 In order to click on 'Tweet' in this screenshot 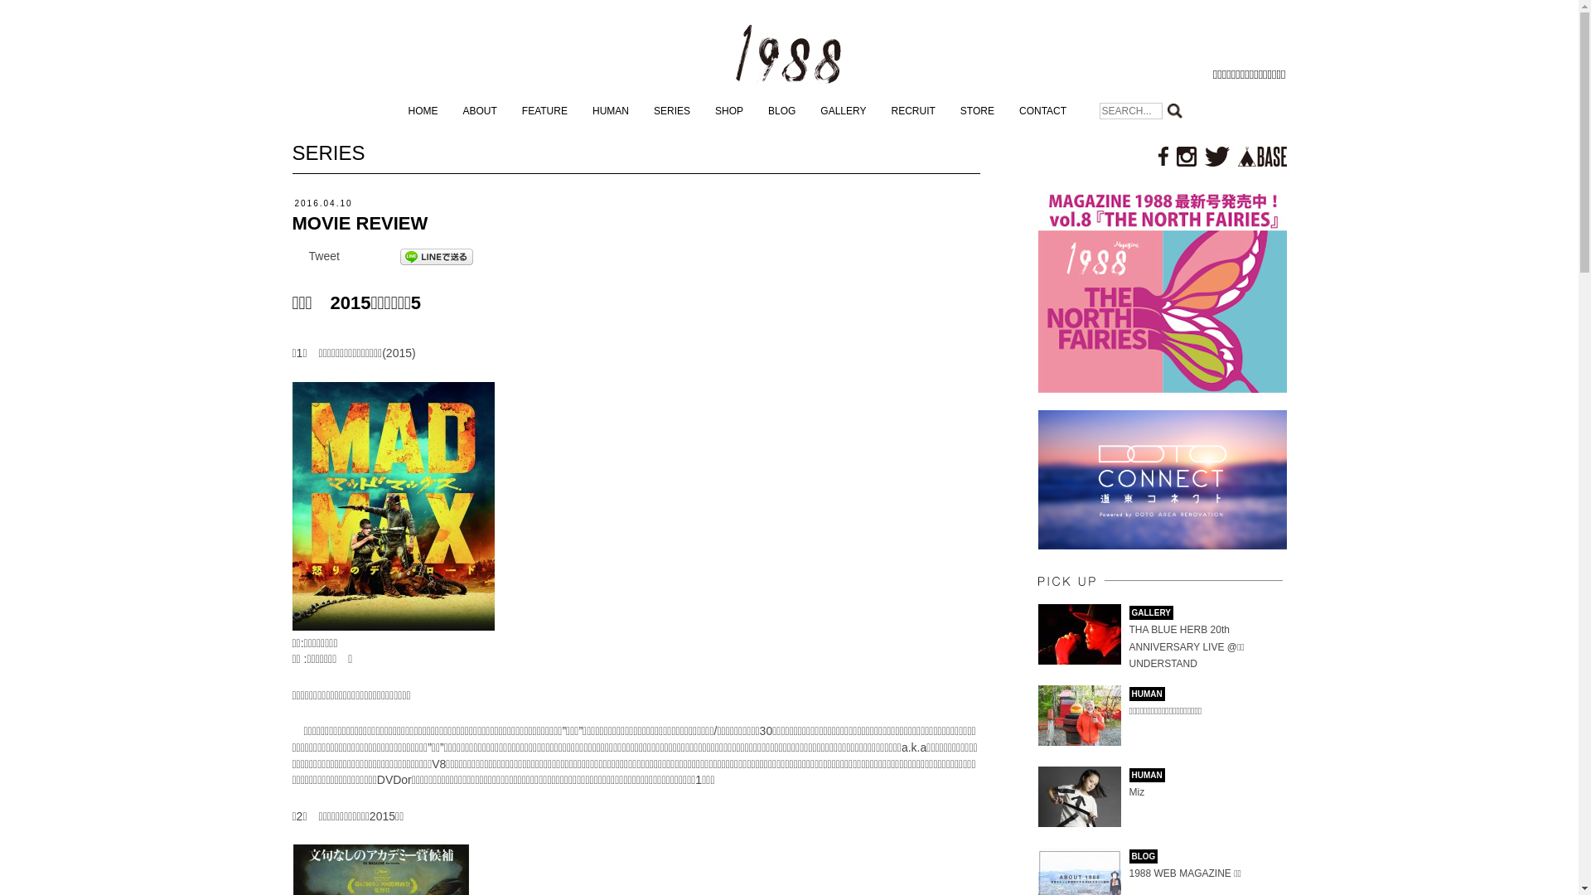, I will do `click(308, 255)`.